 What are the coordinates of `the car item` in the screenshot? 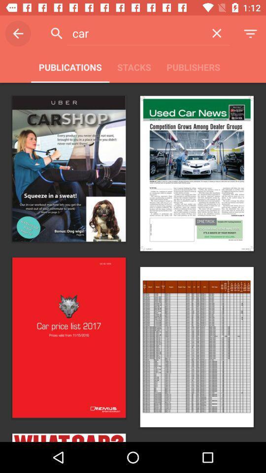 It's located at (135, 33).